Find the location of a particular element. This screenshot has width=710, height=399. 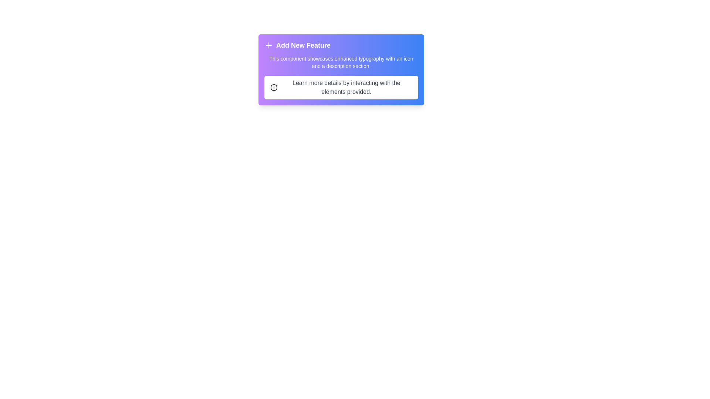

text section in the lower part of the card component that contains the gray text block saying 'Learn more details by interacting with the elements provided.' is located at coordinates (341, 87).